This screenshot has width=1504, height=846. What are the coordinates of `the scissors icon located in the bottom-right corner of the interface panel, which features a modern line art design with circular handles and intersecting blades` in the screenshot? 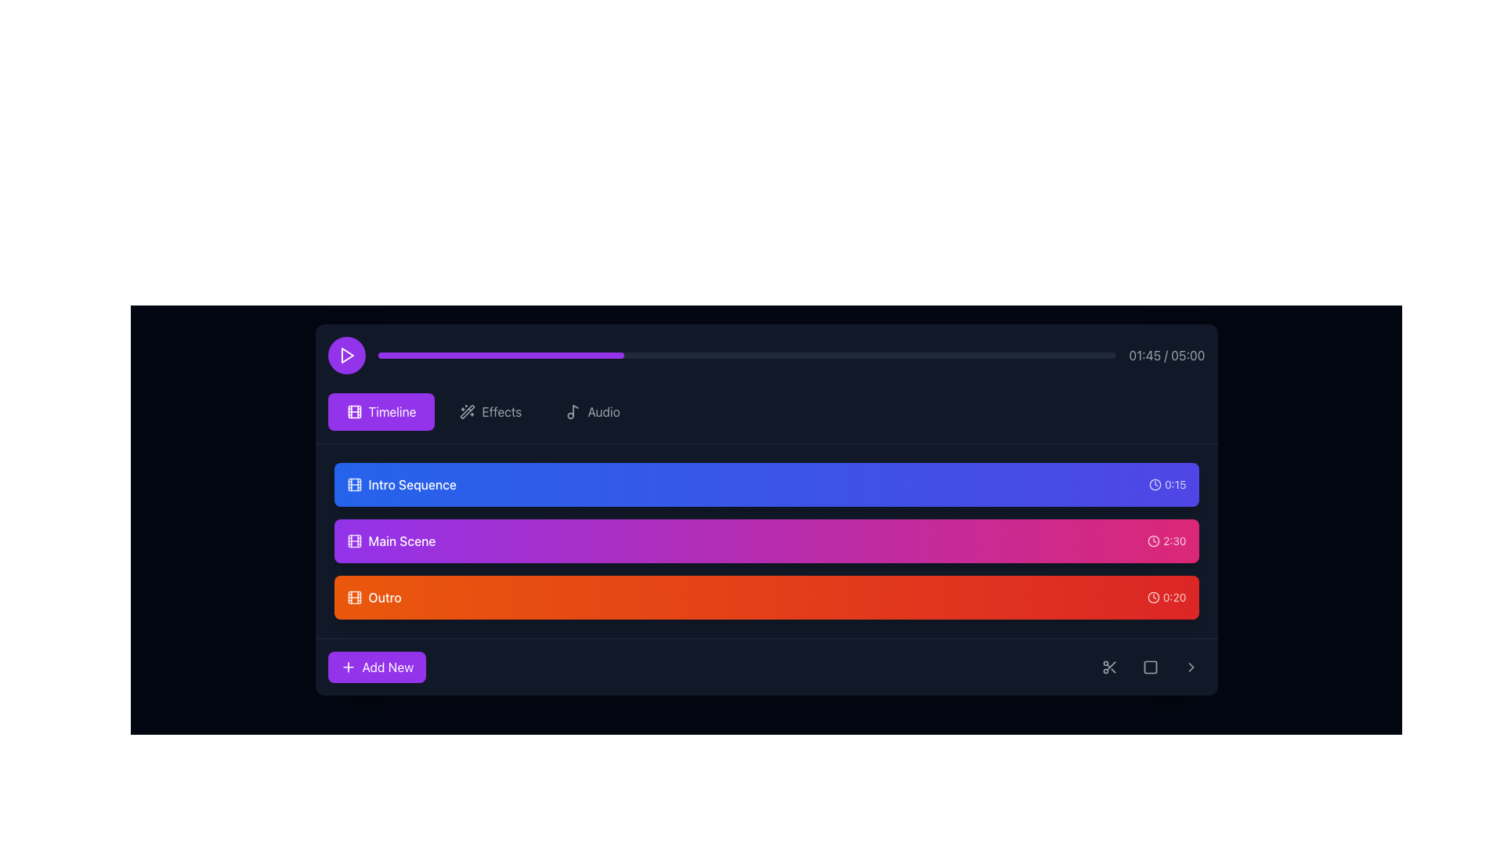 It's located at (1108, 667).